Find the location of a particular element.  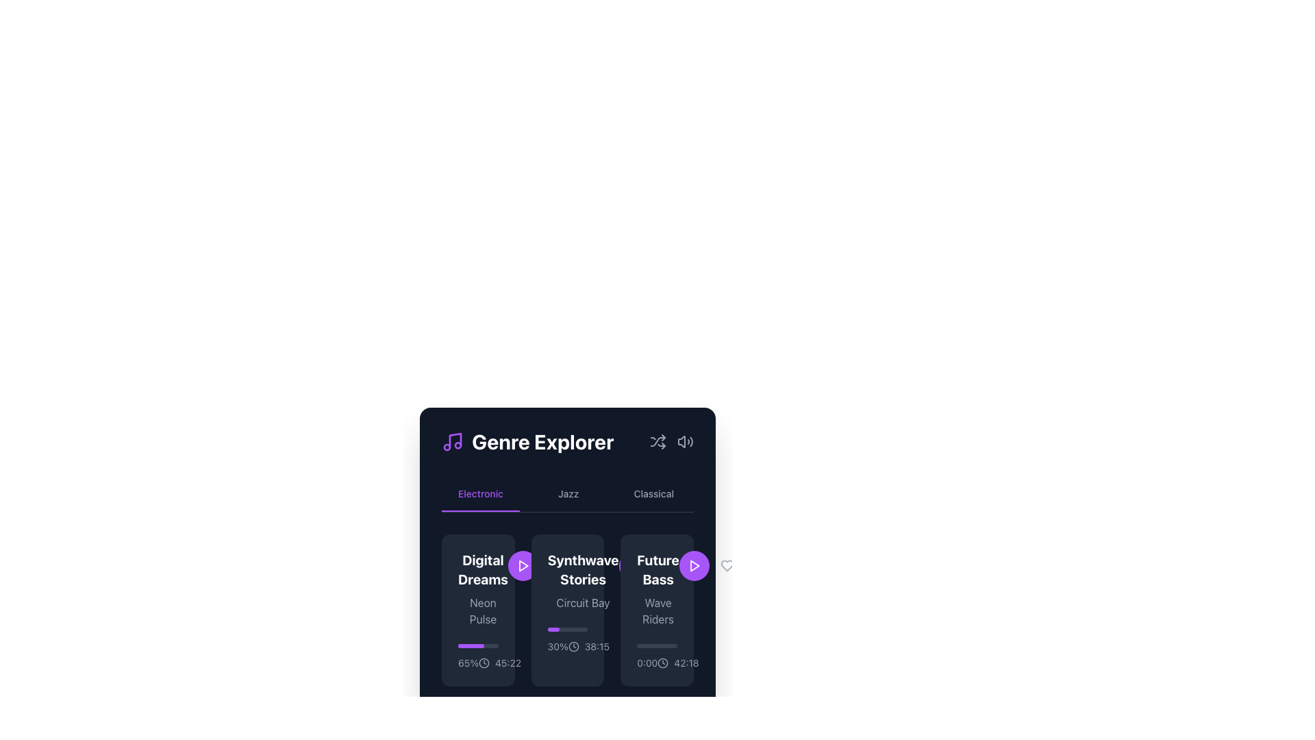

the 'Genre Explorer' text label with a purple musical note icon located in the top-left corner of the main header interface is located at coordinates (527, 441).